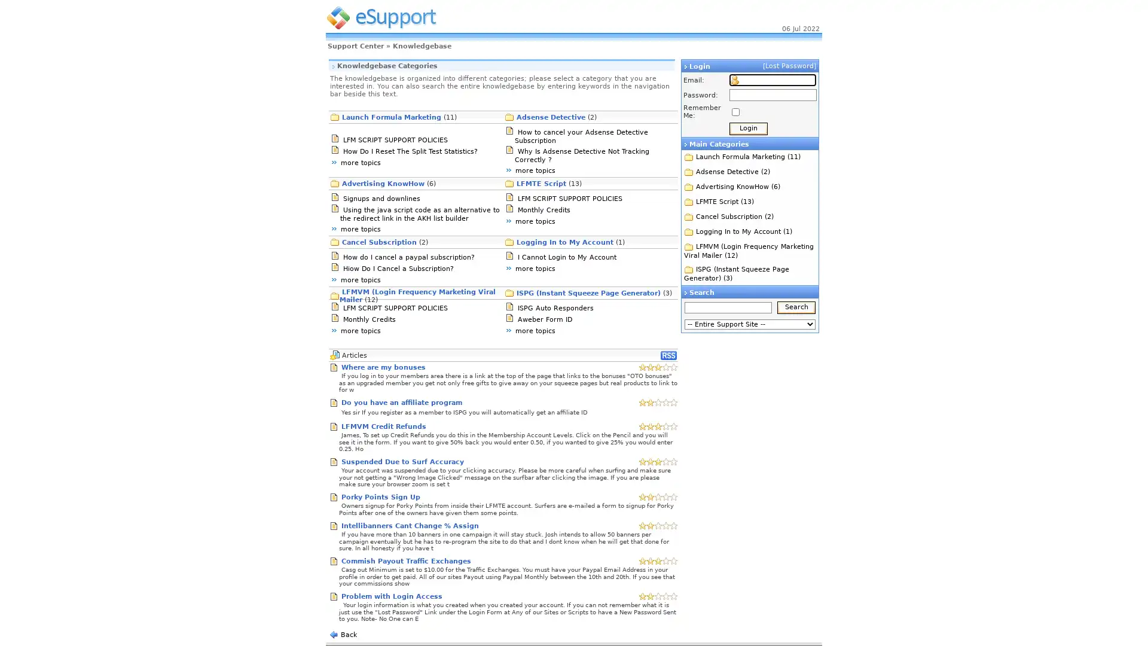 Image resolution: width=1148 pixels, height=646 pixels. Describe the element at coordinates (748, 129) in the screenshot. I see `Login` at that location.